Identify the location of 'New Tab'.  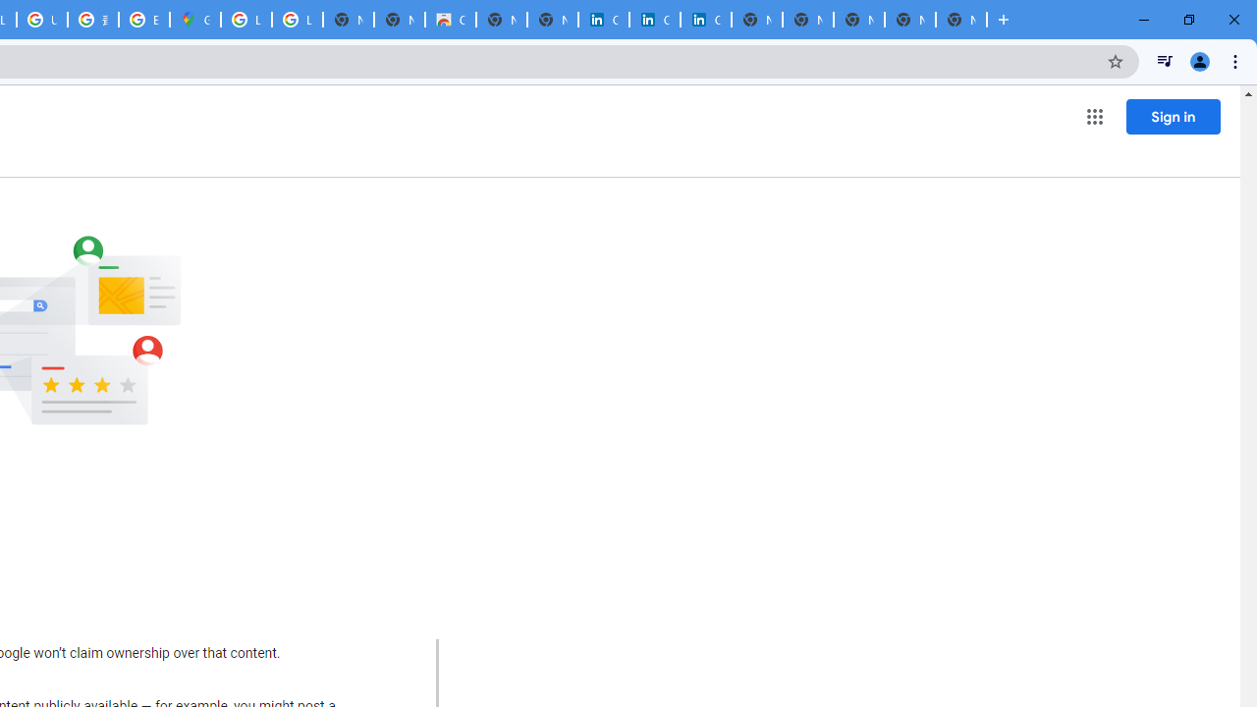
(961, 20).